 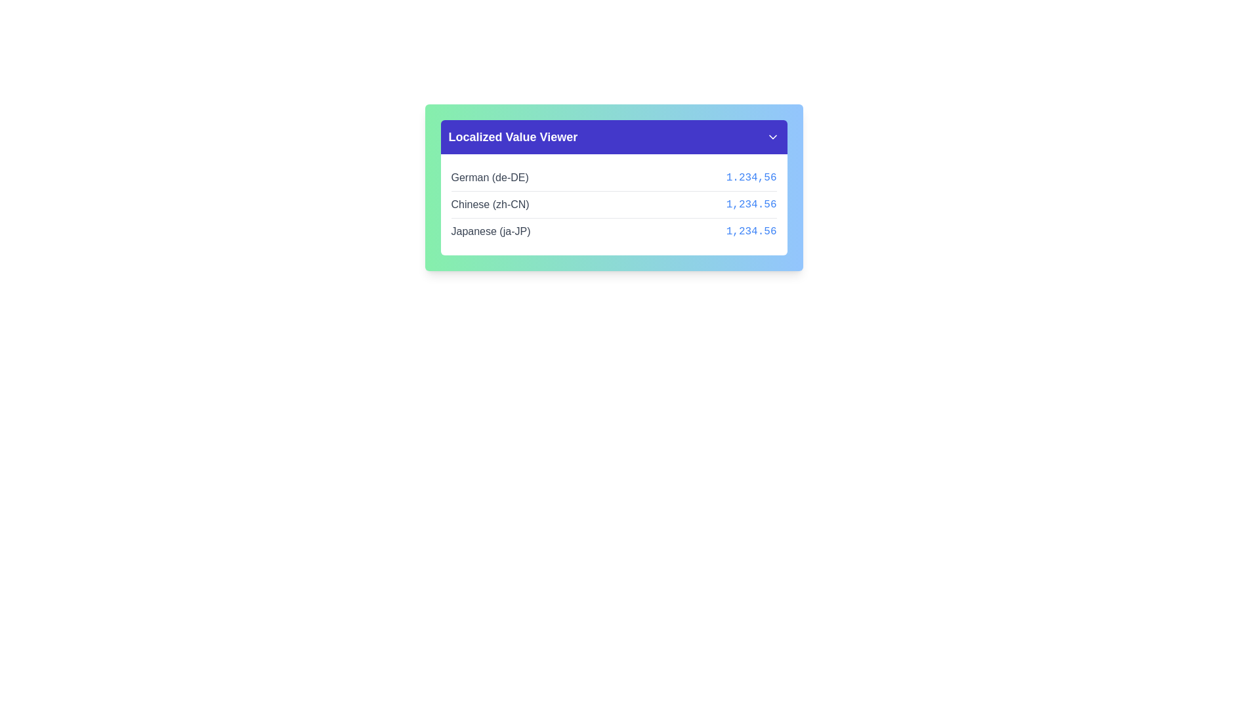 What do you see at coordinates (489, 177) in the screenshot?
I see `the static text displaying 'German (de-DE)' in dark gray within the 'Localized Value Viewer' panel, positioned at the uppermost row and aligned to the left side of the row` at bounding box center [489, 177].